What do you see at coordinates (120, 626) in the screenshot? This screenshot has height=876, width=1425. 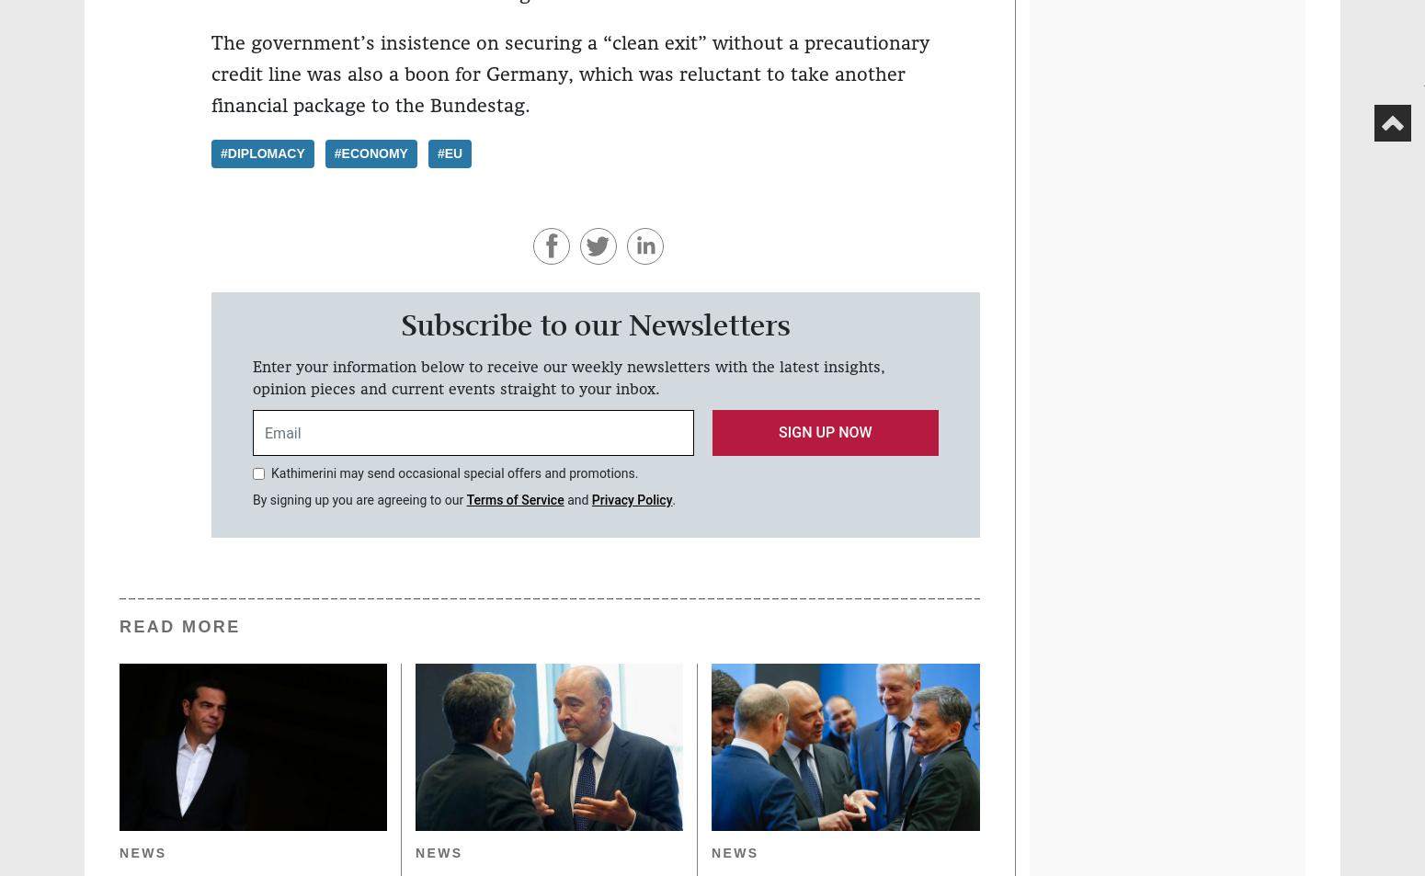 I see `'READ MORE'` at bounding box center [120, 626].